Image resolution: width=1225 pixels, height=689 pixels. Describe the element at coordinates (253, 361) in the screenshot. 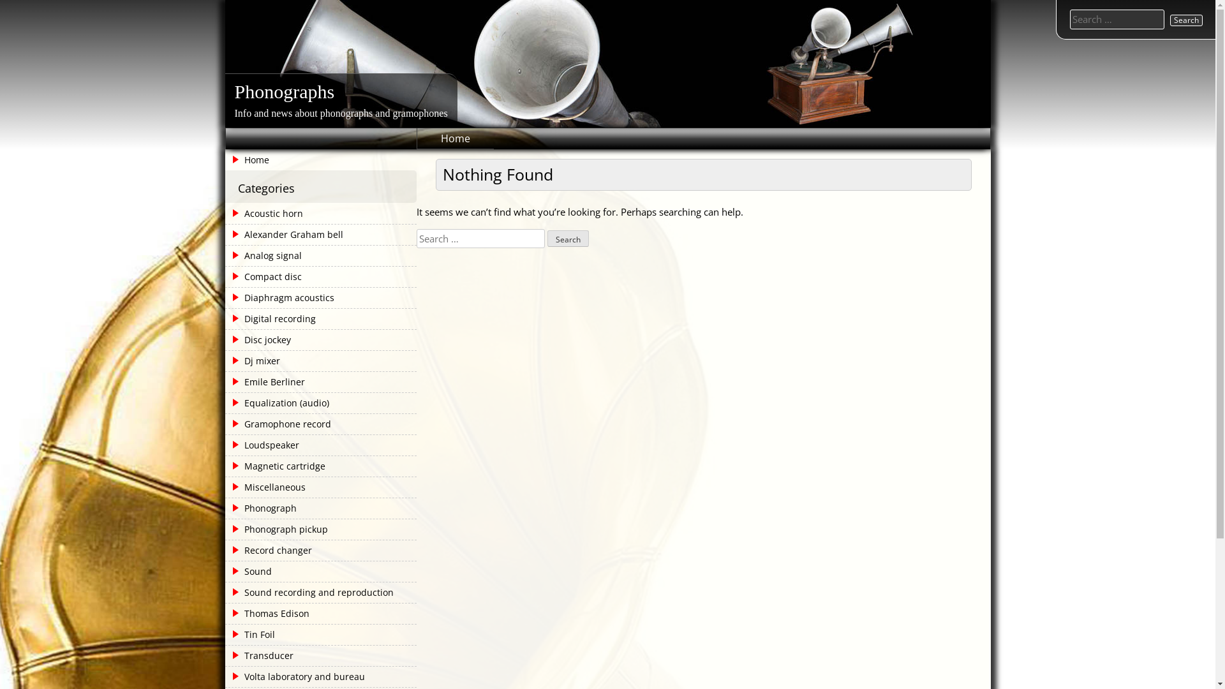

I see `'Dj mixer'` at that location.